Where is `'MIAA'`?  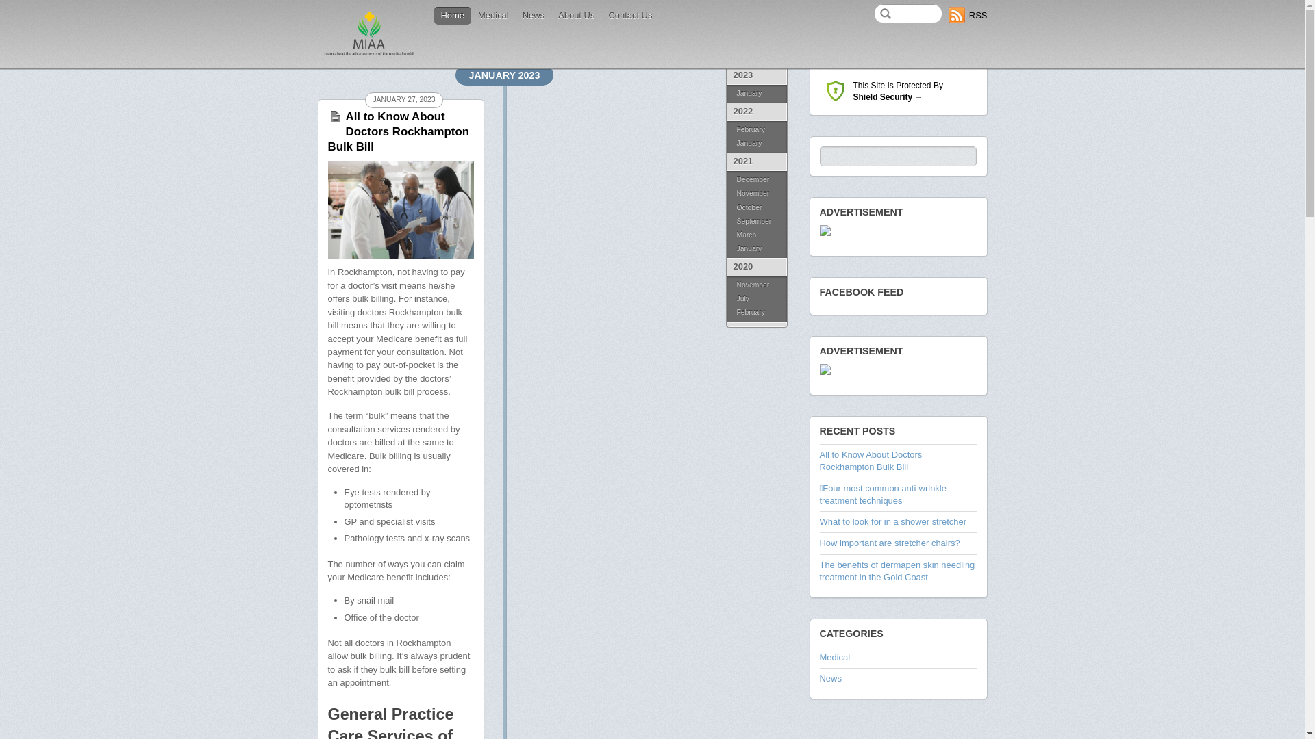
'MIAA' is located at coordinates (368, 33).